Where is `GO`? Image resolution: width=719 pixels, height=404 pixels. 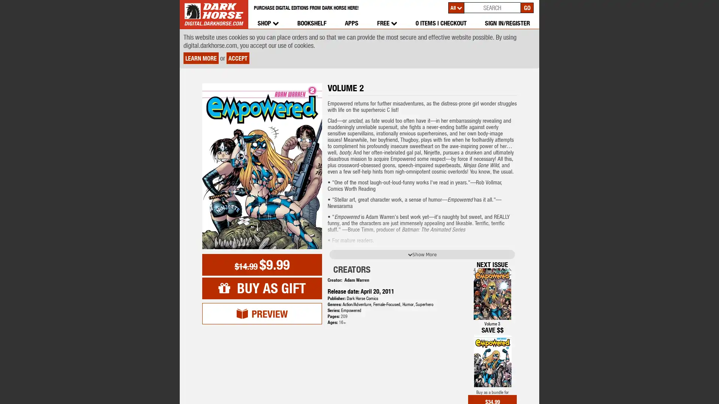
GO is located at coordinates (527, 7).